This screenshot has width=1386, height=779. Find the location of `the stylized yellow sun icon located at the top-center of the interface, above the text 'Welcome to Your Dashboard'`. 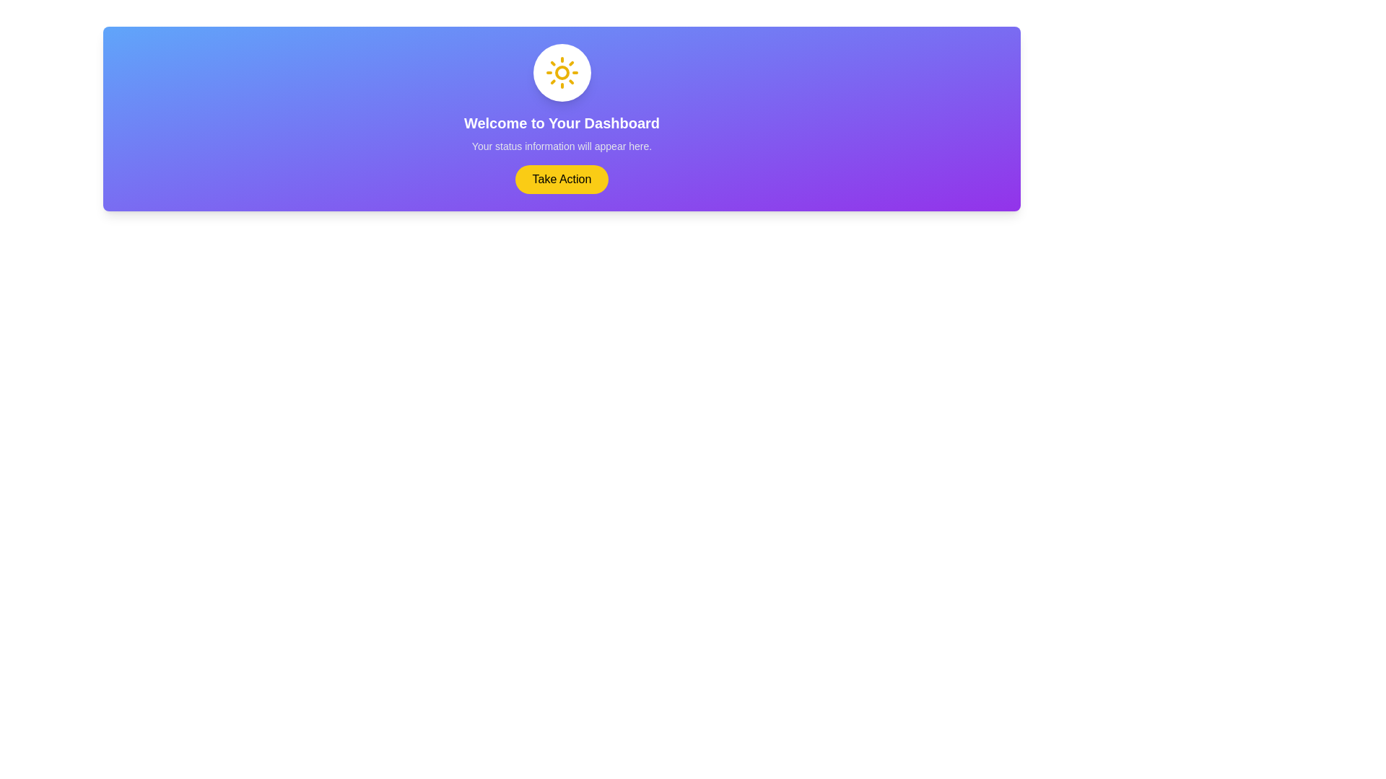

the stylized yellow sun icon located at the top-center of the interface, above the text 'Welcome to Your Dashboard' is located at coordinates (561, 72).